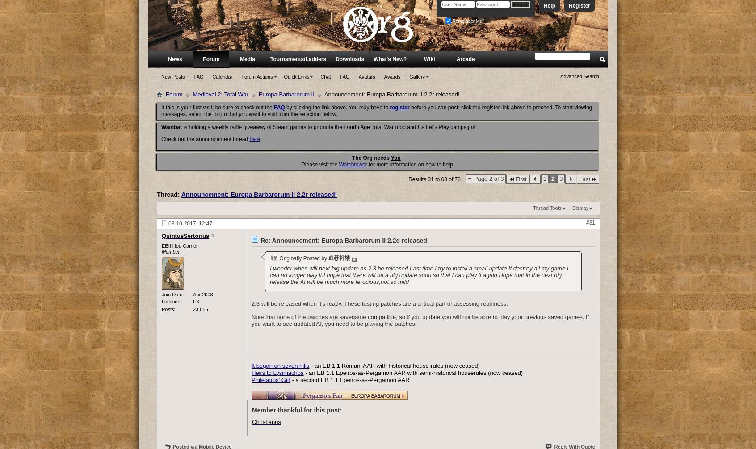  I want to click on 'Europa Barbarorum II', so click(286, 94).